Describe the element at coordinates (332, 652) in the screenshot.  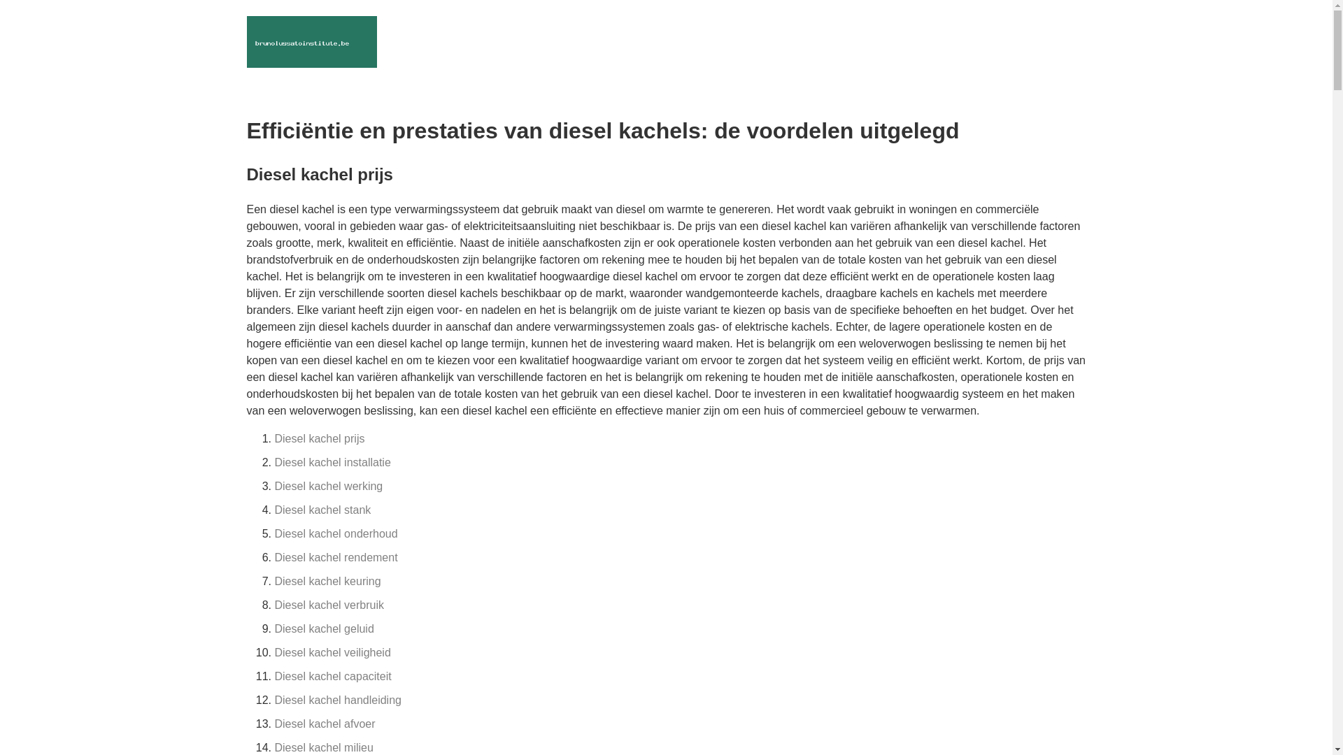
I see `'Diesel kachel veiligheid'` at that location.